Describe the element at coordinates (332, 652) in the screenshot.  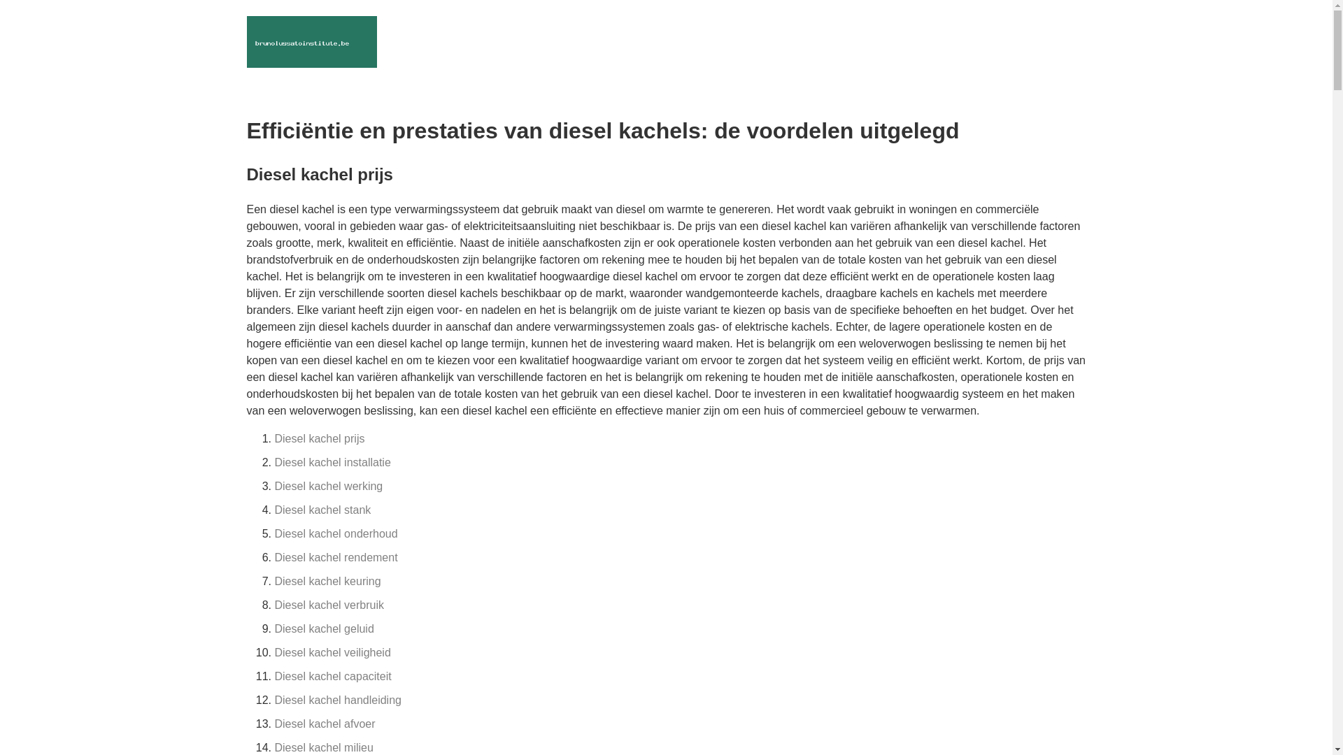
I see `'Diesel kachel veiligheid'` at that location.